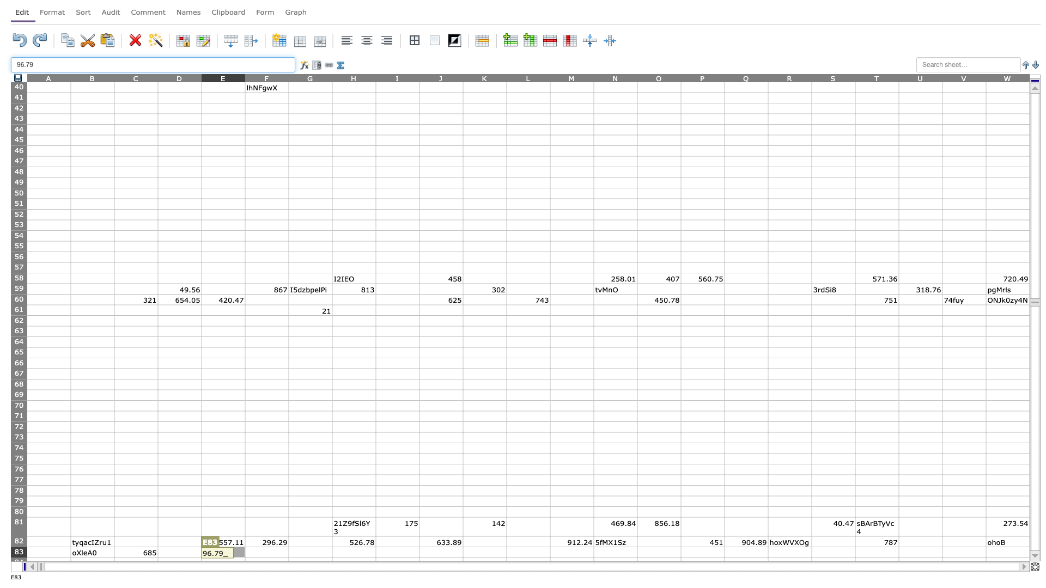 This screenshot has height=588, width=1046. What do you see at coordinates (288, 552) in the screenshot?
I see `Right side boundary of F83` at bounding box center [288, 552].